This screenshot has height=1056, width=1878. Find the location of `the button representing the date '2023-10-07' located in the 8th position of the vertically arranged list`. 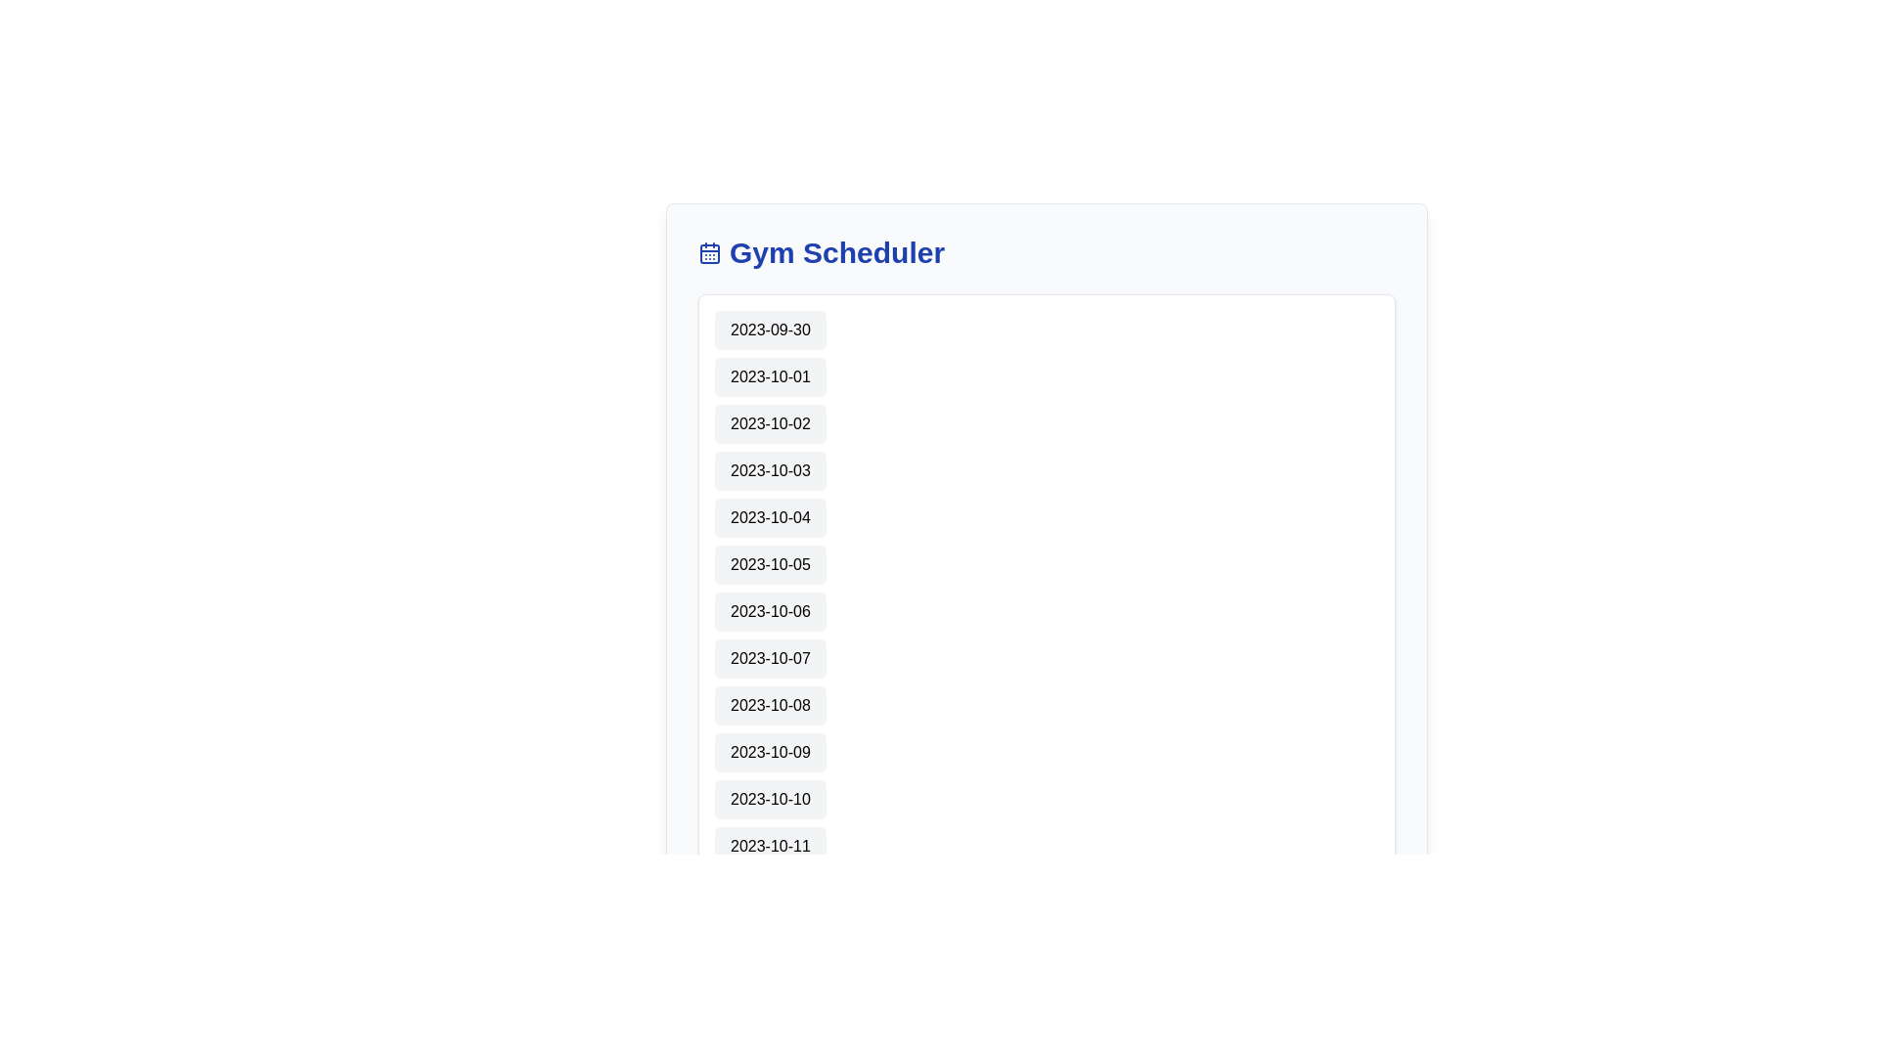

the button representing the date '2023-10-07' located in the 8th position of the vertically arranged list is located at coordinates (769, 659).